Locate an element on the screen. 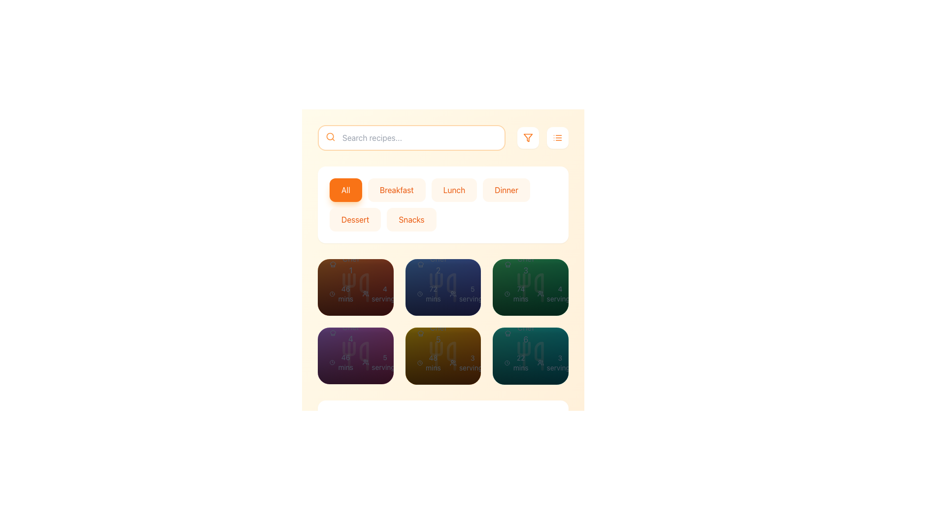 This screenshot has height=532, width=946. the circular graphical element that visually represents the outer boundary of the clock icon situated in the second column of the second row of the grid layout is located at coordinates (420, 294).